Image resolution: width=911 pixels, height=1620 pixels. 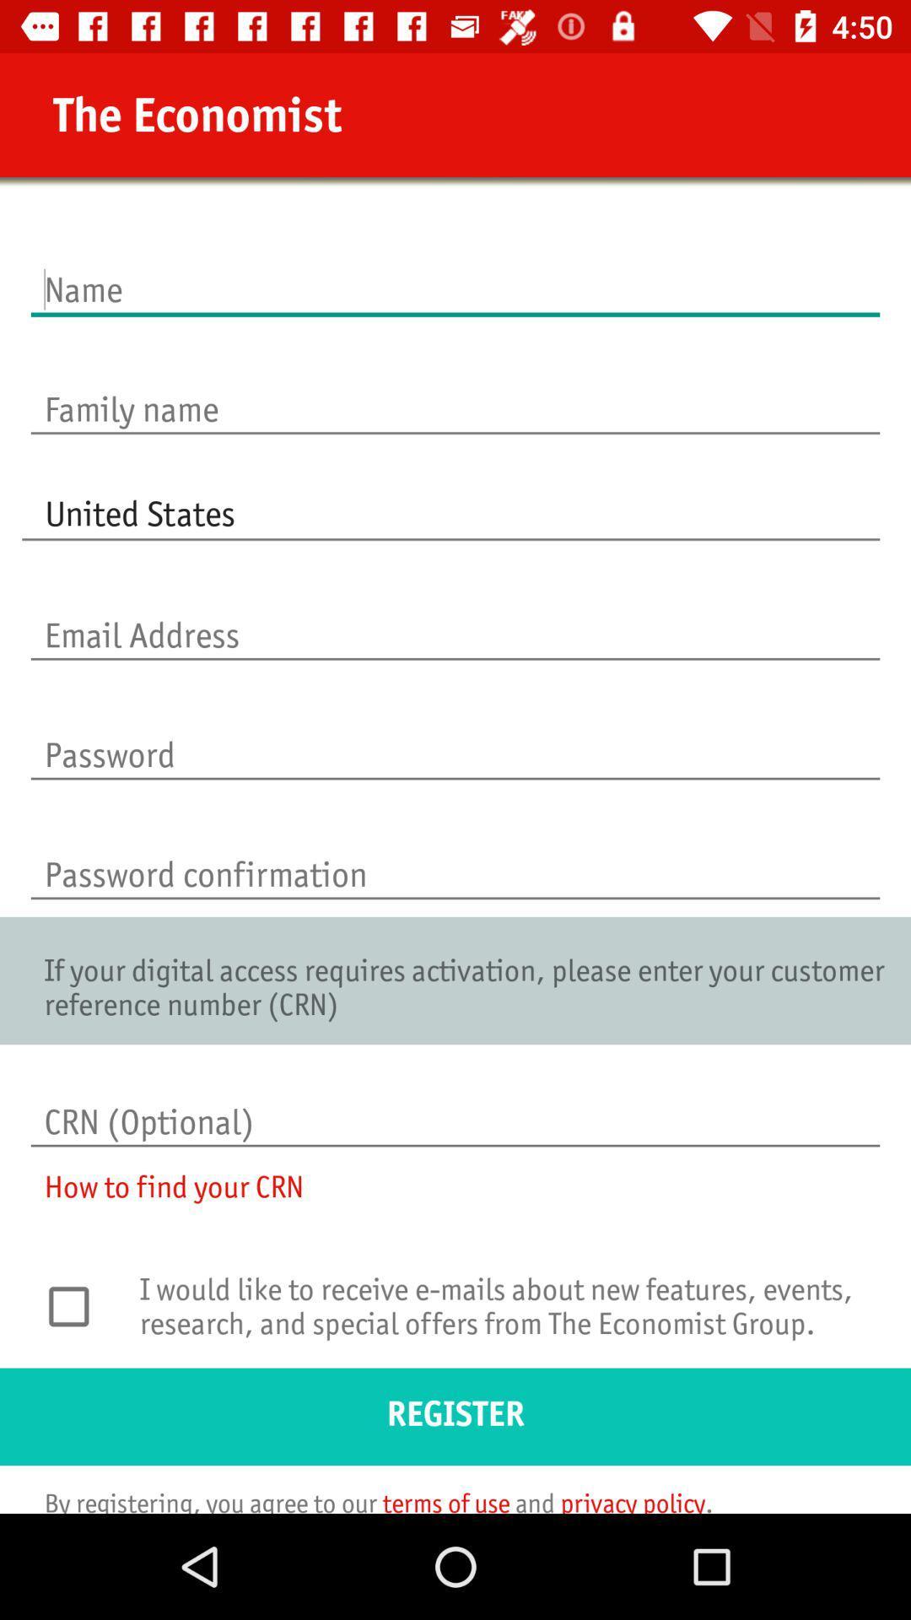 I want to click on type family name, so click(x=455, y=391).